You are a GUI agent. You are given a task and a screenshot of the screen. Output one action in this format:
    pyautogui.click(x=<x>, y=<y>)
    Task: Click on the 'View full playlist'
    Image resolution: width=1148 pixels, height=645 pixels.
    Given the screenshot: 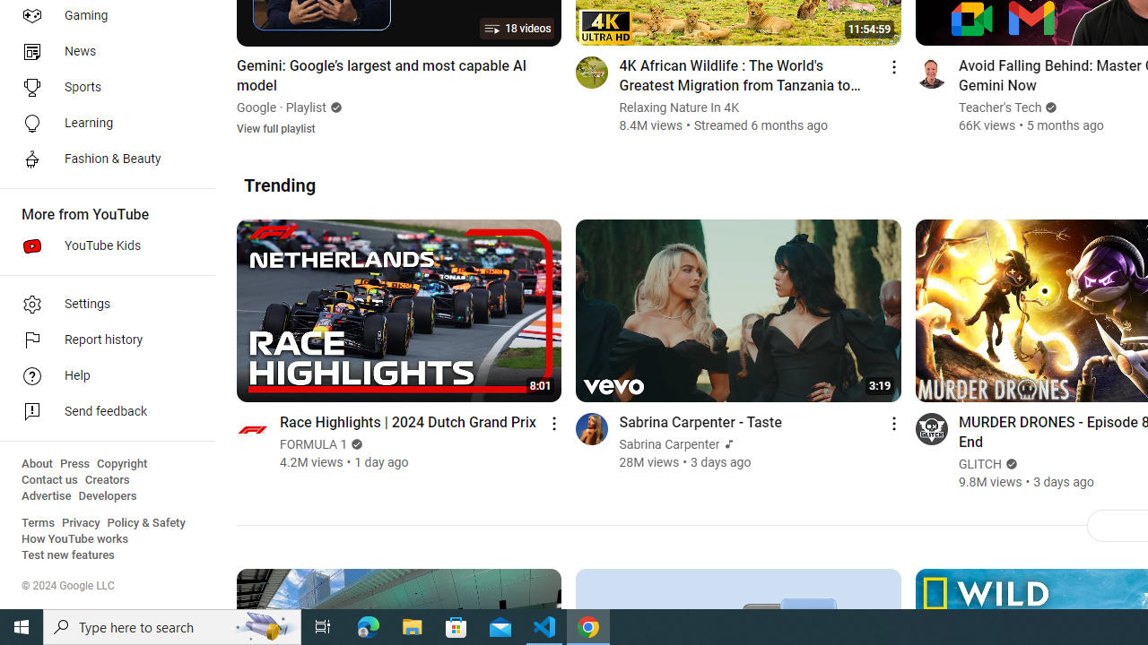 What is the action you would take?
    pyautogui.click(x=274, y=127)
    